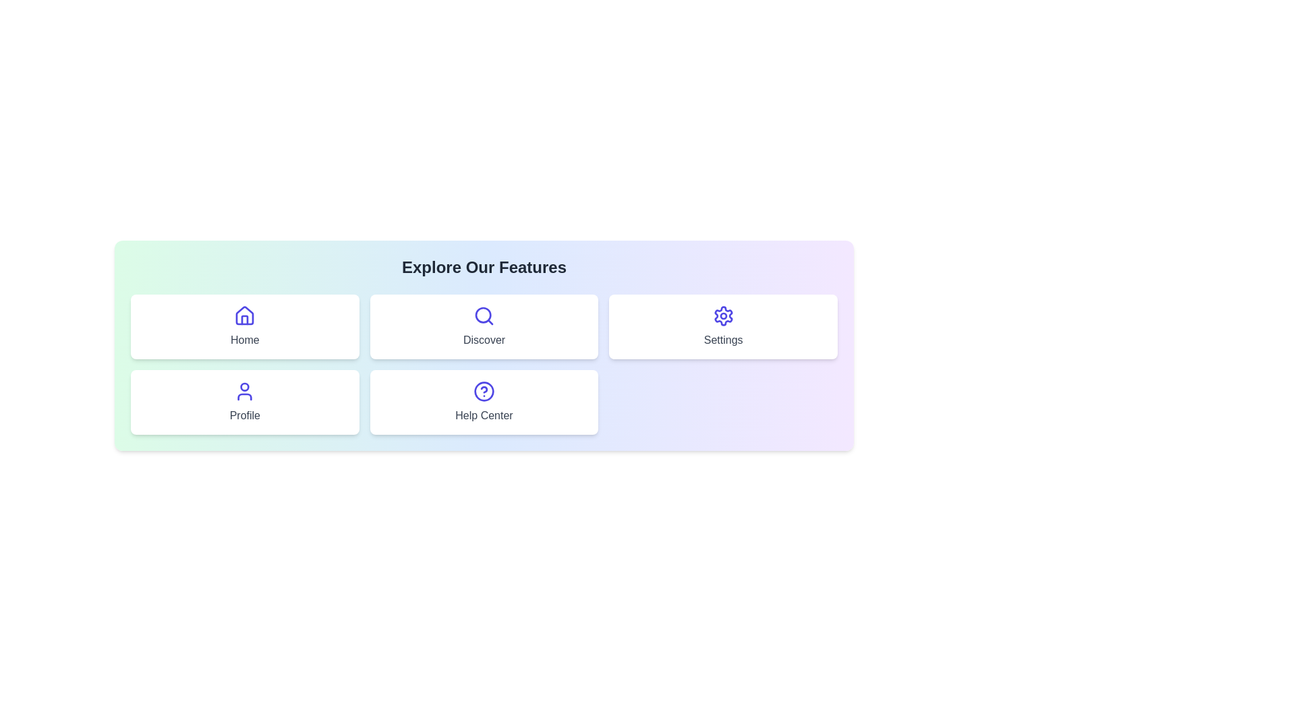  Describe the element at coordinates (722, 340) in the screenshot. I see `text label displaying the word 'Settings' located at the bottom of a card-like section in the top-right corner of the grid interface` at that location.